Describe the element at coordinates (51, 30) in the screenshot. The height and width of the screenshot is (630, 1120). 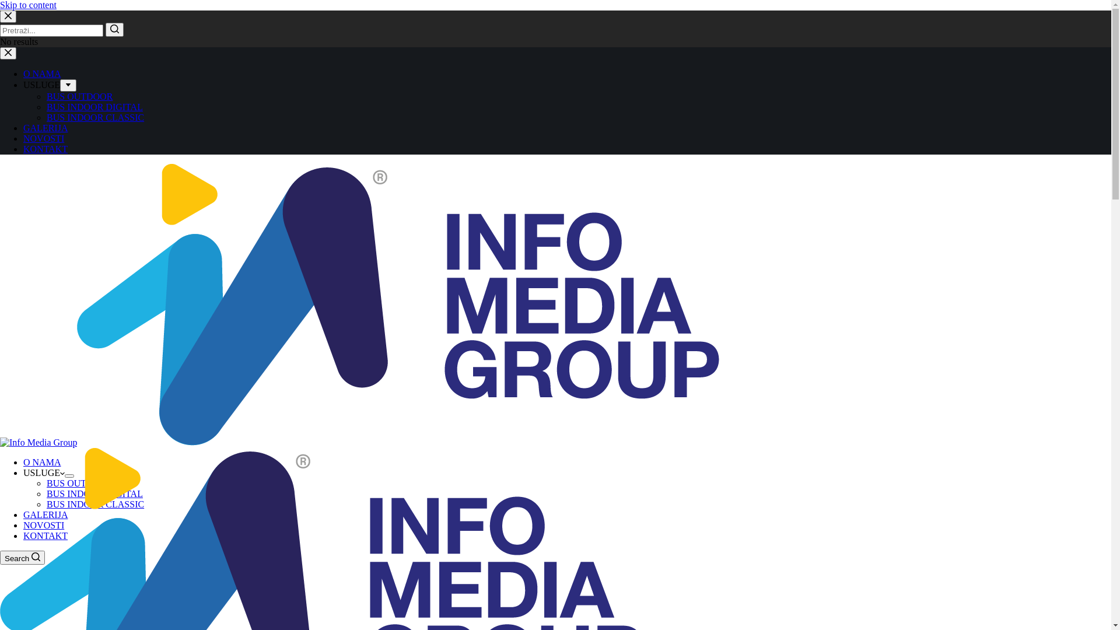
I see `'Search for...'` at that location.